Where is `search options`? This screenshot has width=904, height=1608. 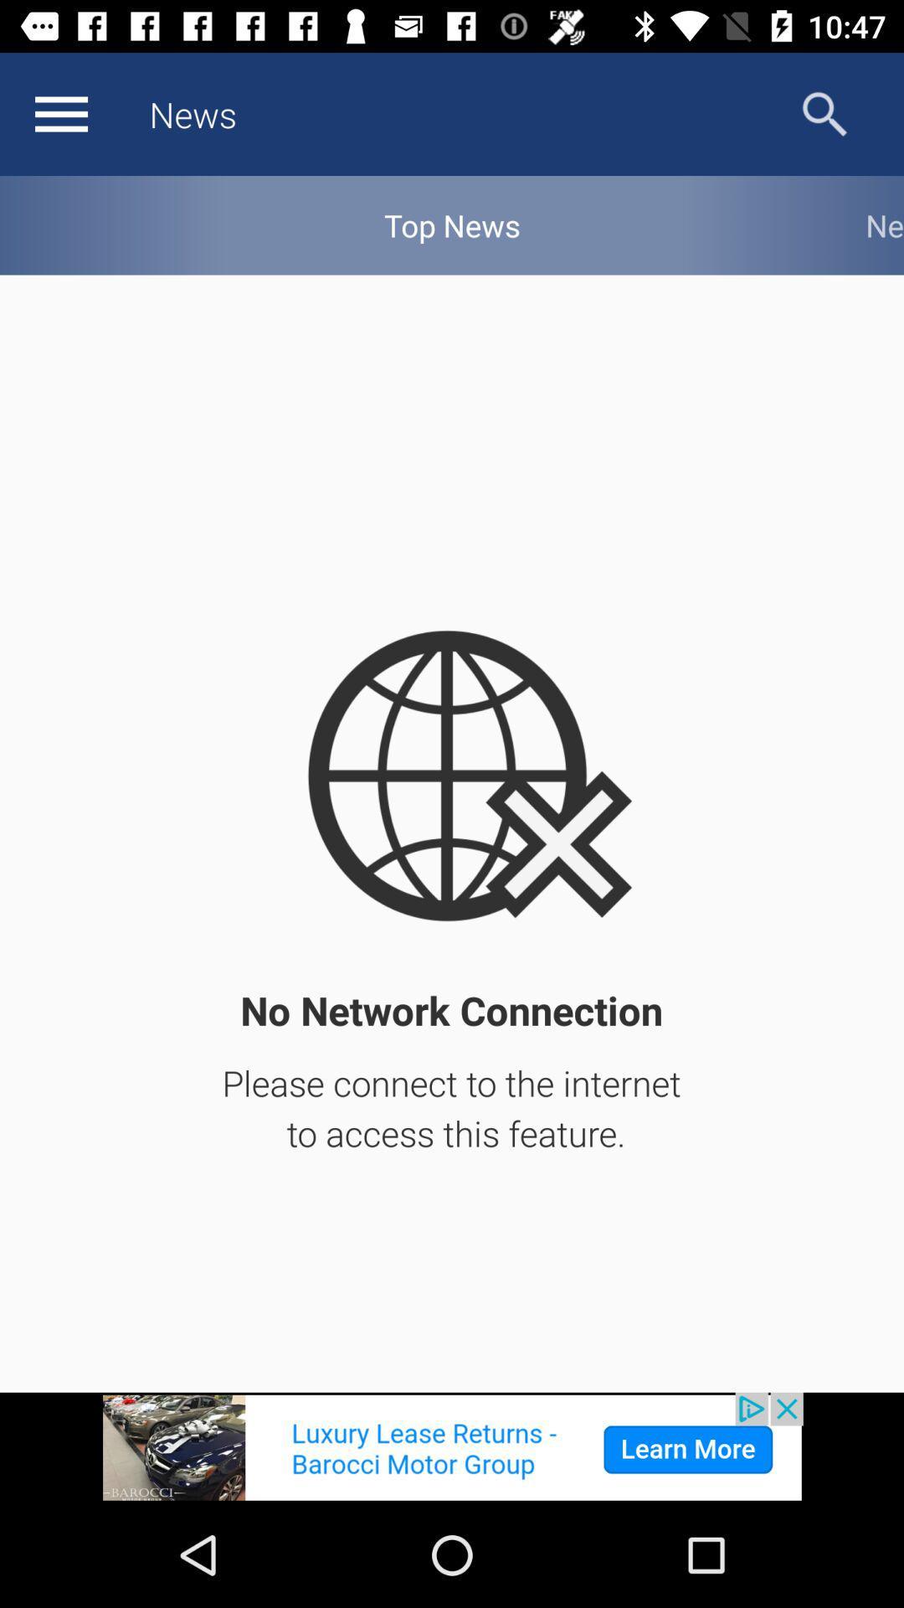 search options is located at coordinates (824, 113).